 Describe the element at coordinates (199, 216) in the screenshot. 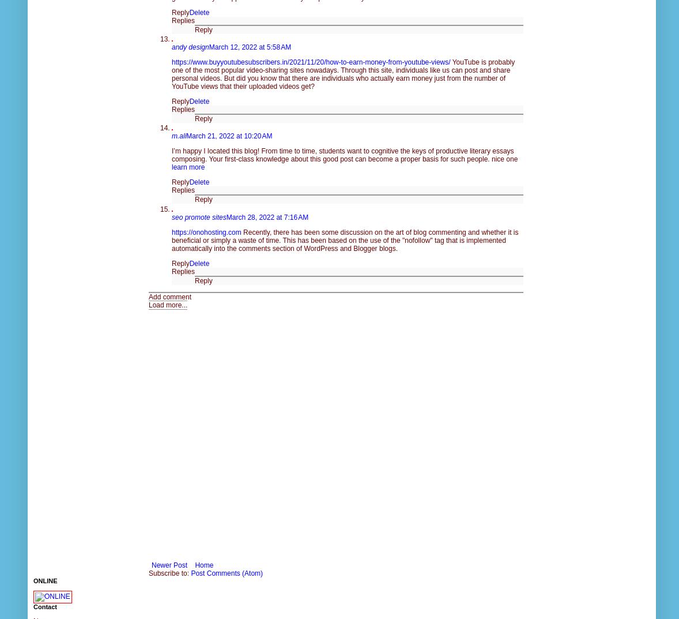

I see `'seo promote sites'` at that location.